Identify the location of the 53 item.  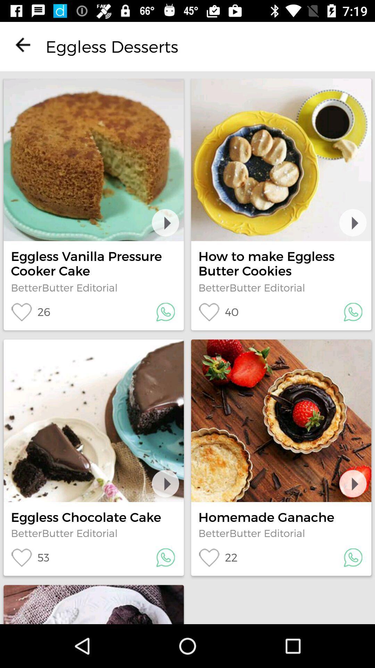
(30, 557).